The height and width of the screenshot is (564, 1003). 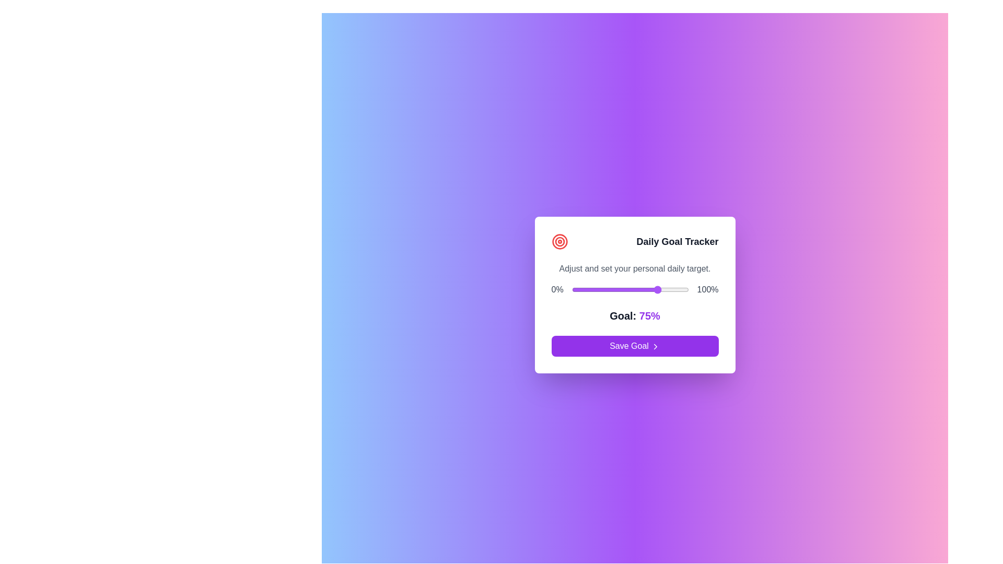 What do you see at coordinates (576, 290) in the screenshot?
I see `the goal slider to 4%` at bounding box center [576, 290].